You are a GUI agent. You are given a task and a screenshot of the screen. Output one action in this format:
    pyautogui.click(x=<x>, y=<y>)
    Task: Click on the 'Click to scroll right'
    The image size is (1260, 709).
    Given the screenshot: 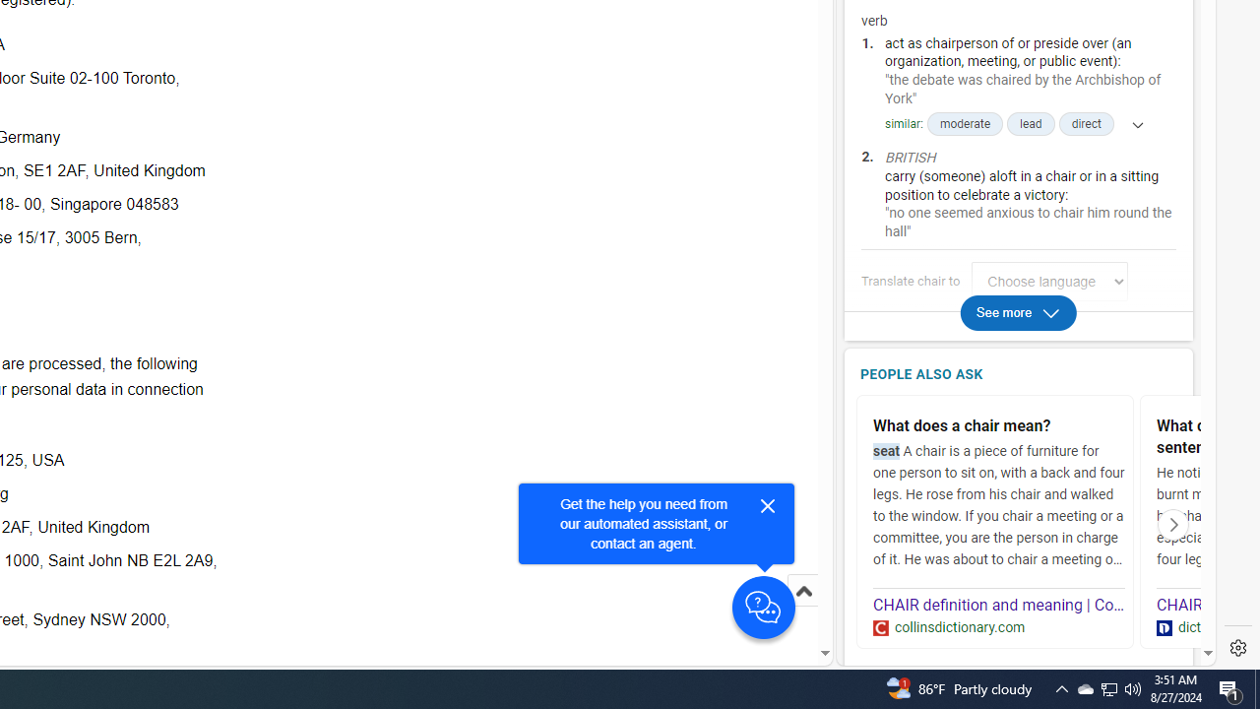 What is the action you would take?
    pyautogui.click(x=1173, y=523)
    